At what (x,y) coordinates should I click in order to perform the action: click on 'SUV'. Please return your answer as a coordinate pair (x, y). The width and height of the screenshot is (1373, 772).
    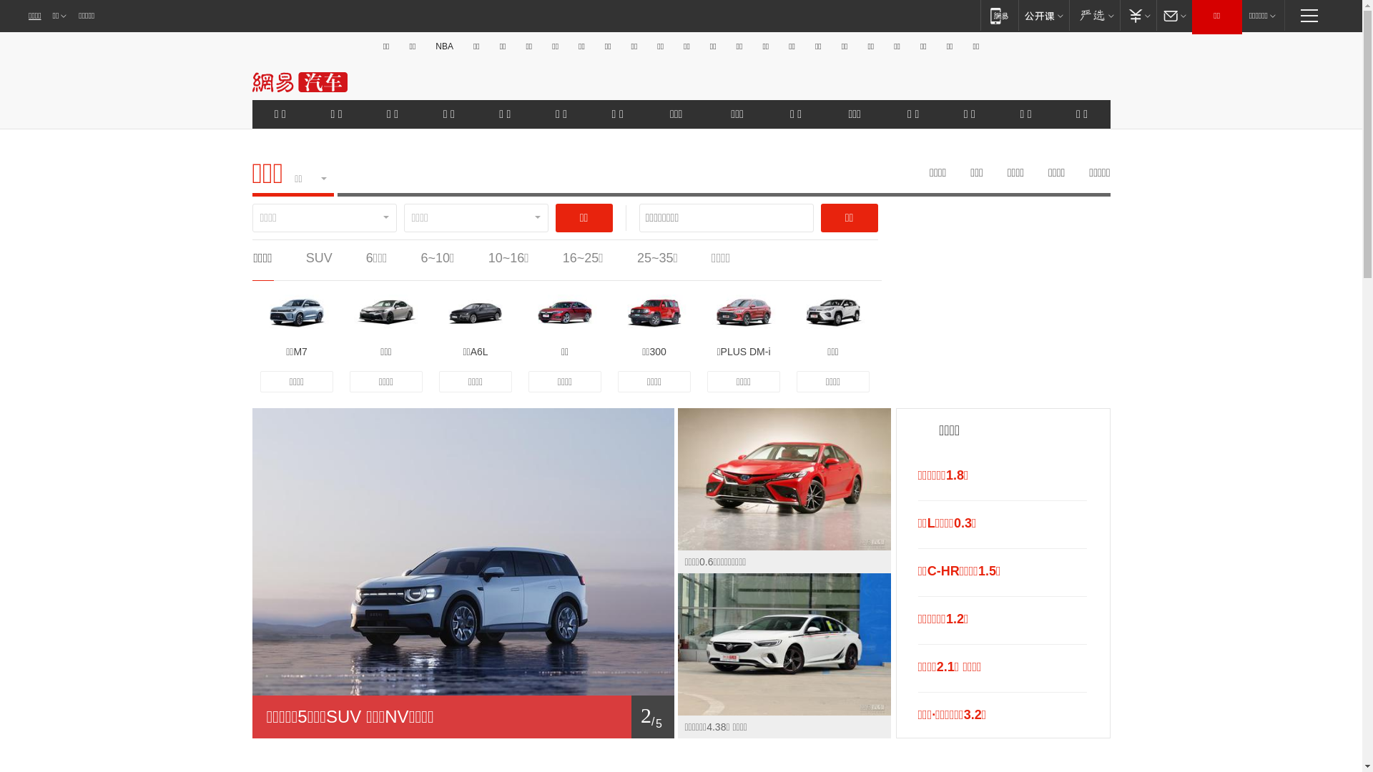
    Looking at the image, I should click on (318, 258).